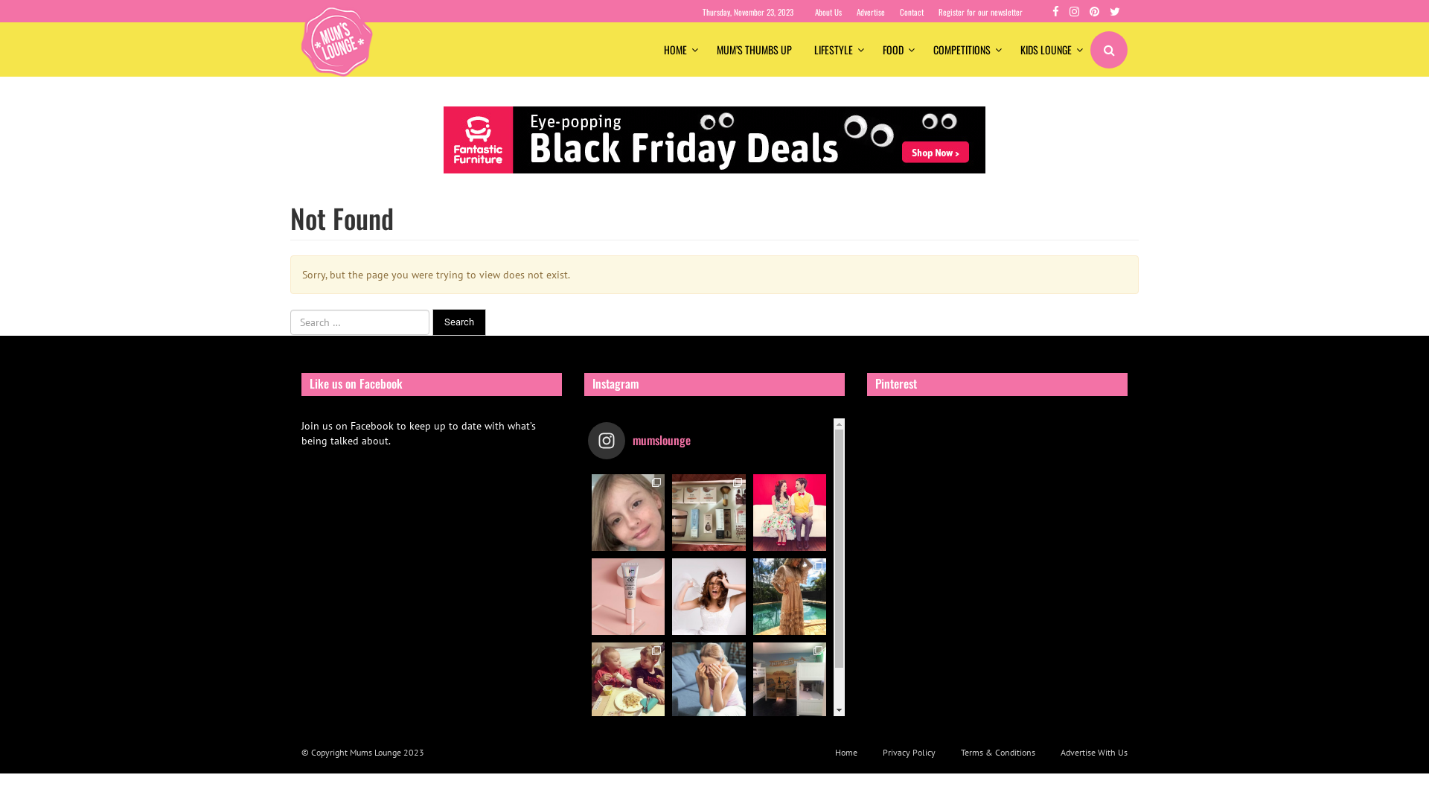 Image resolution: width=1429 pixels, height=804 pixels. I want to click on 'KIDS LOUNGE', so click(1049, 48).